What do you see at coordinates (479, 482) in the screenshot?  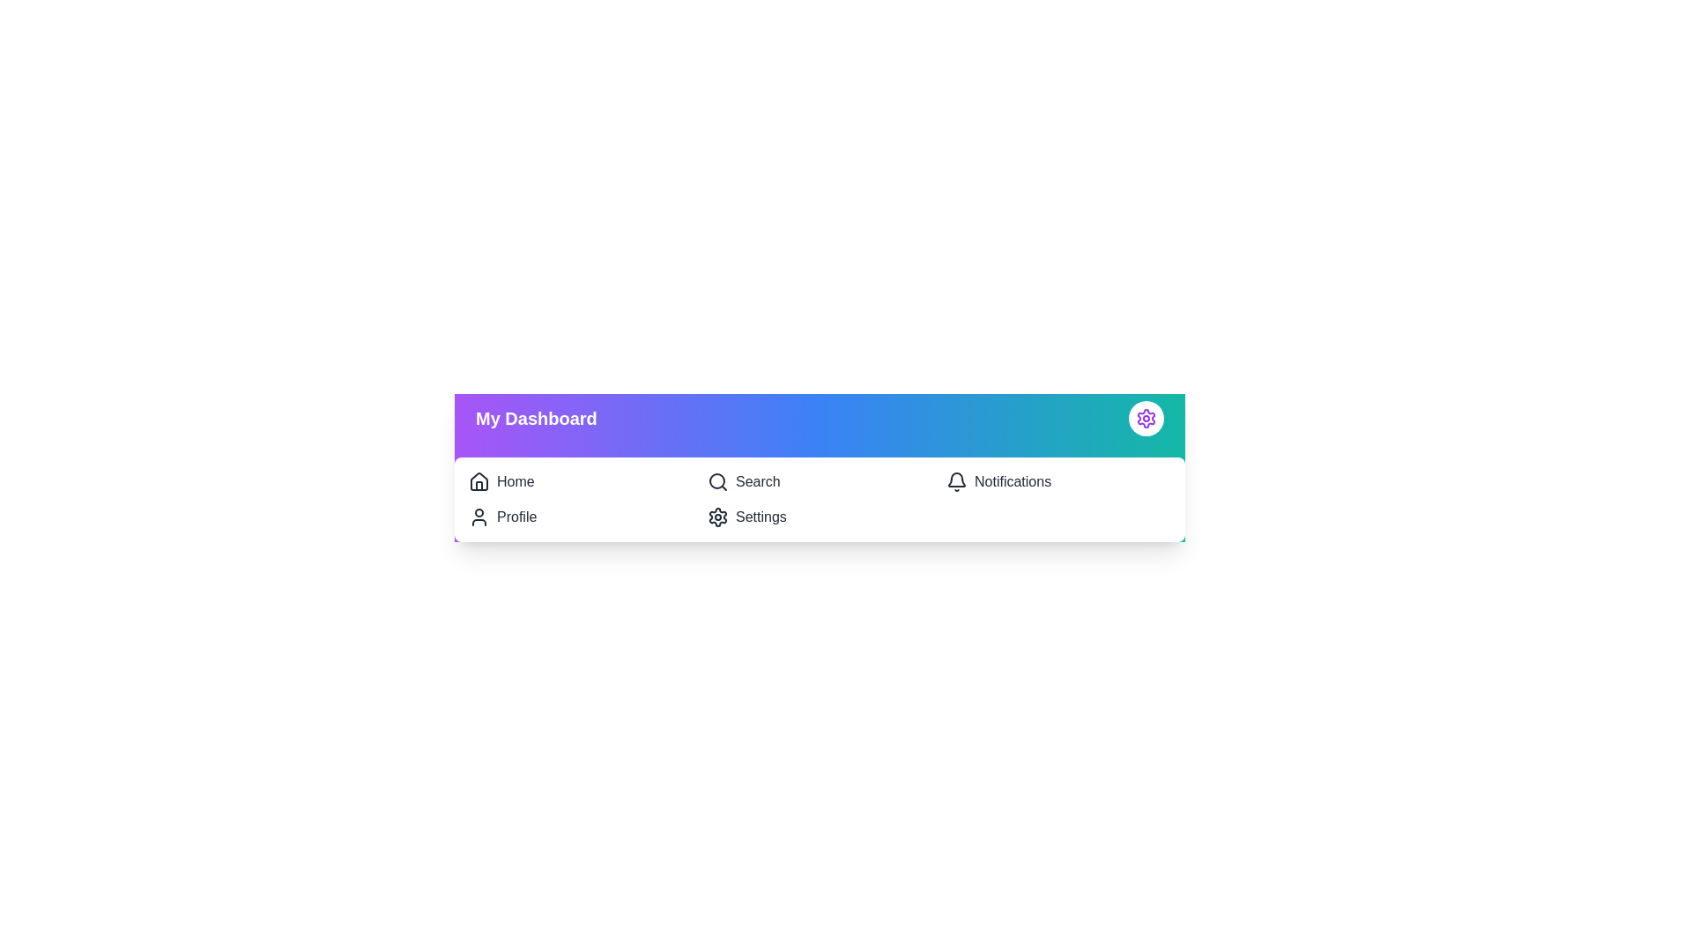 I see `the Home icon to navigate to the Home section` at bounding box center [479, 482].